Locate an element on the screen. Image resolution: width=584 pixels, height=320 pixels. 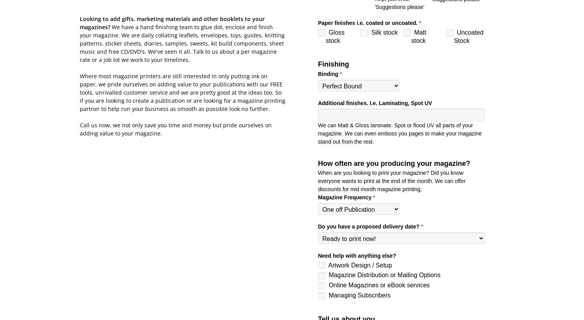
'We have a hand finishing team to glue dot, enclose and finish your magazine.  We are daily collating leaflets, envelopes, toys, guides, knitting patterns, sticker sheets, diaries, samples, sweets, kit build components, sheet music and free CD/DVD's.  We've seen it all. Talk to us about a per magazine rate or a job lot we work to your timelines.' is located at coordinates (182, 42).